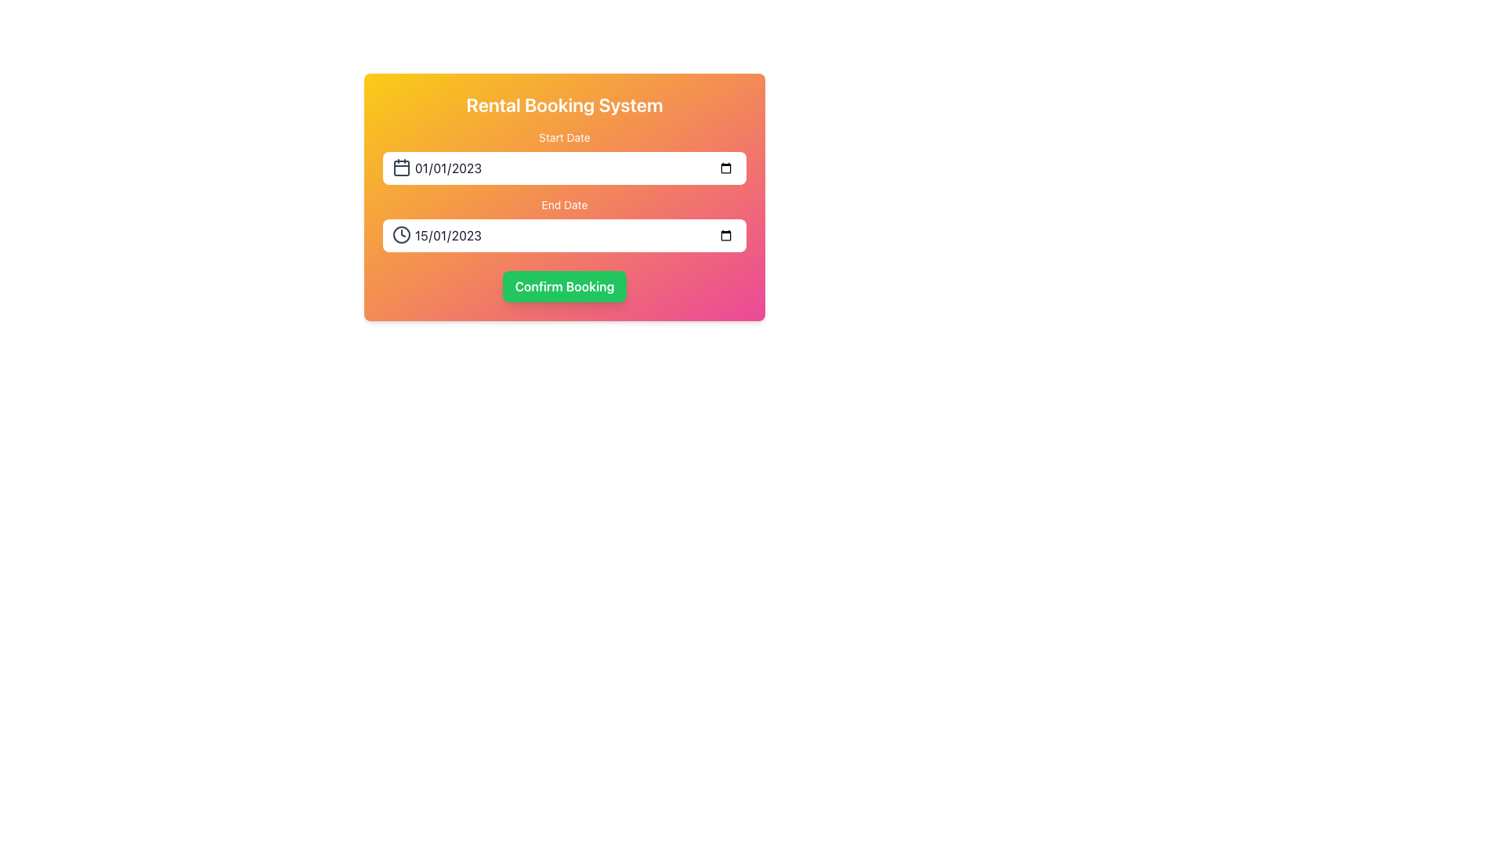 Image resolution: width=1504 pixels, height=846 pixels. Describe the element at coordinates (402, 167) in the screenshot. I see `the calendar icon located at the leftmost side of the 'Start Date' input field, which aids in selecting a date` at that location.